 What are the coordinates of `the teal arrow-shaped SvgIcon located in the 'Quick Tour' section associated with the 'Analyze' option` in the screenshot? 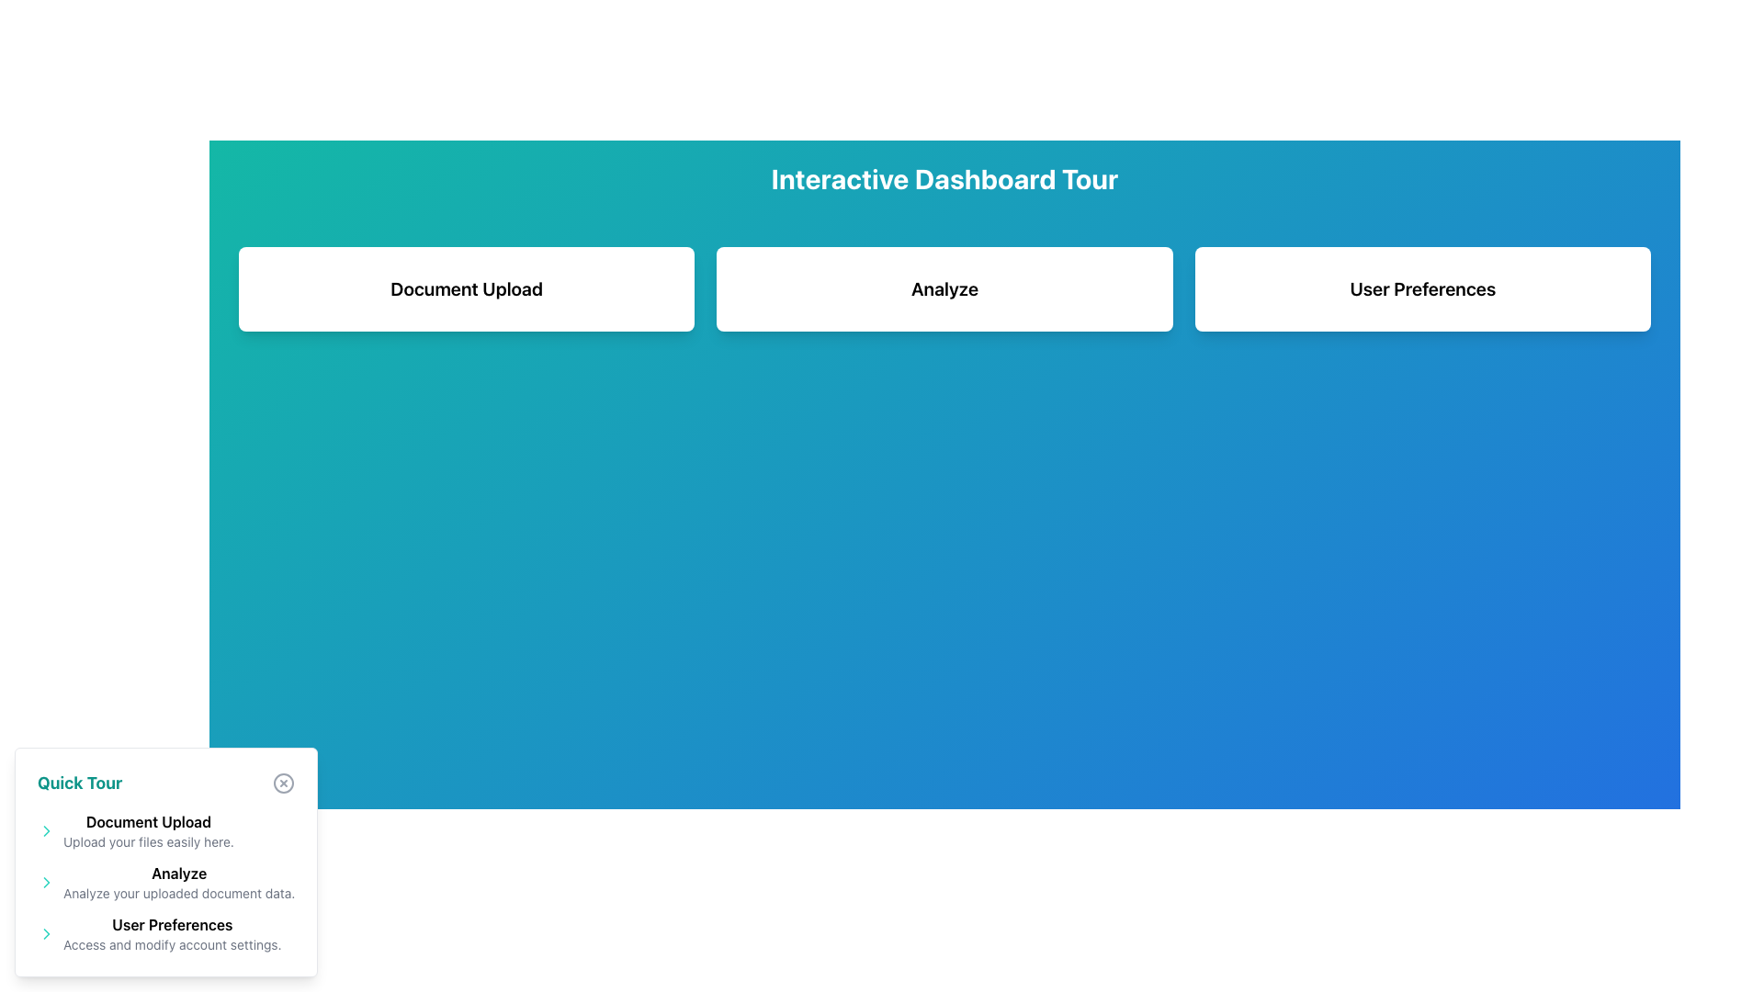 It's located at (47, 881).